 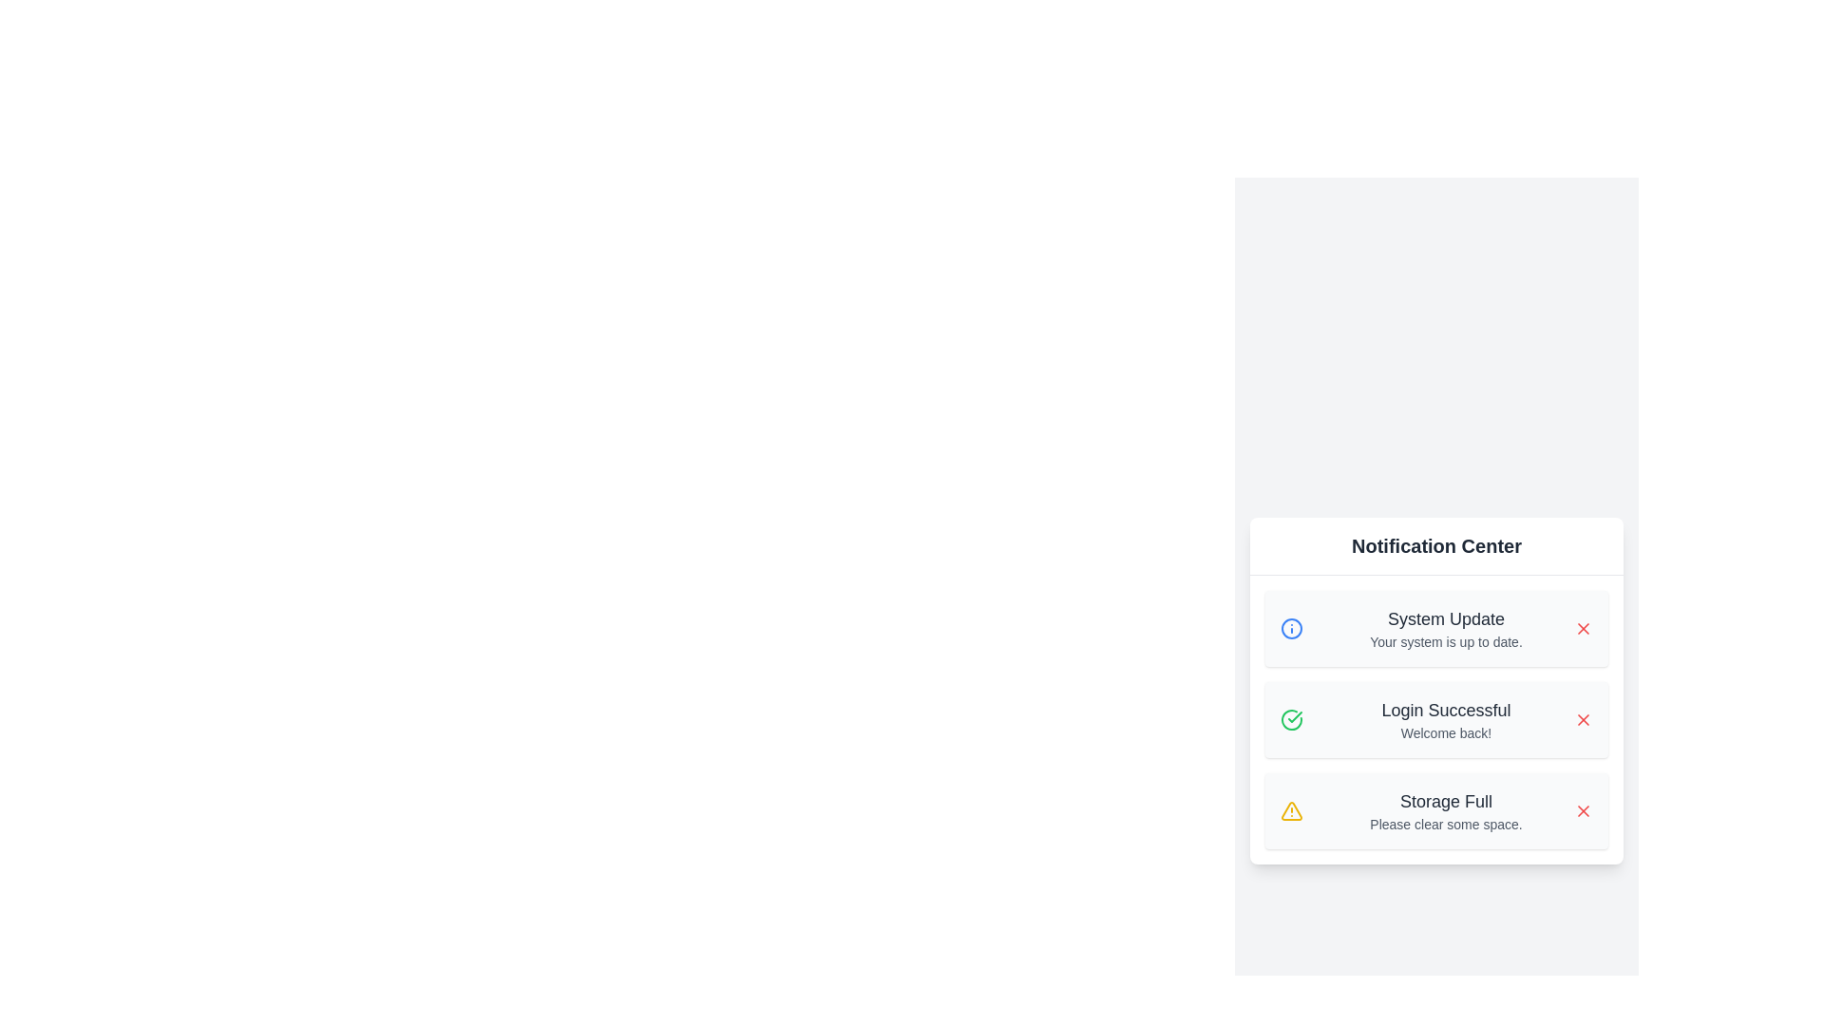 I want to click on the Interactive icon (close button) located at the top-right corner of the 'System Update' notification block, so click(x=1583, y=627).